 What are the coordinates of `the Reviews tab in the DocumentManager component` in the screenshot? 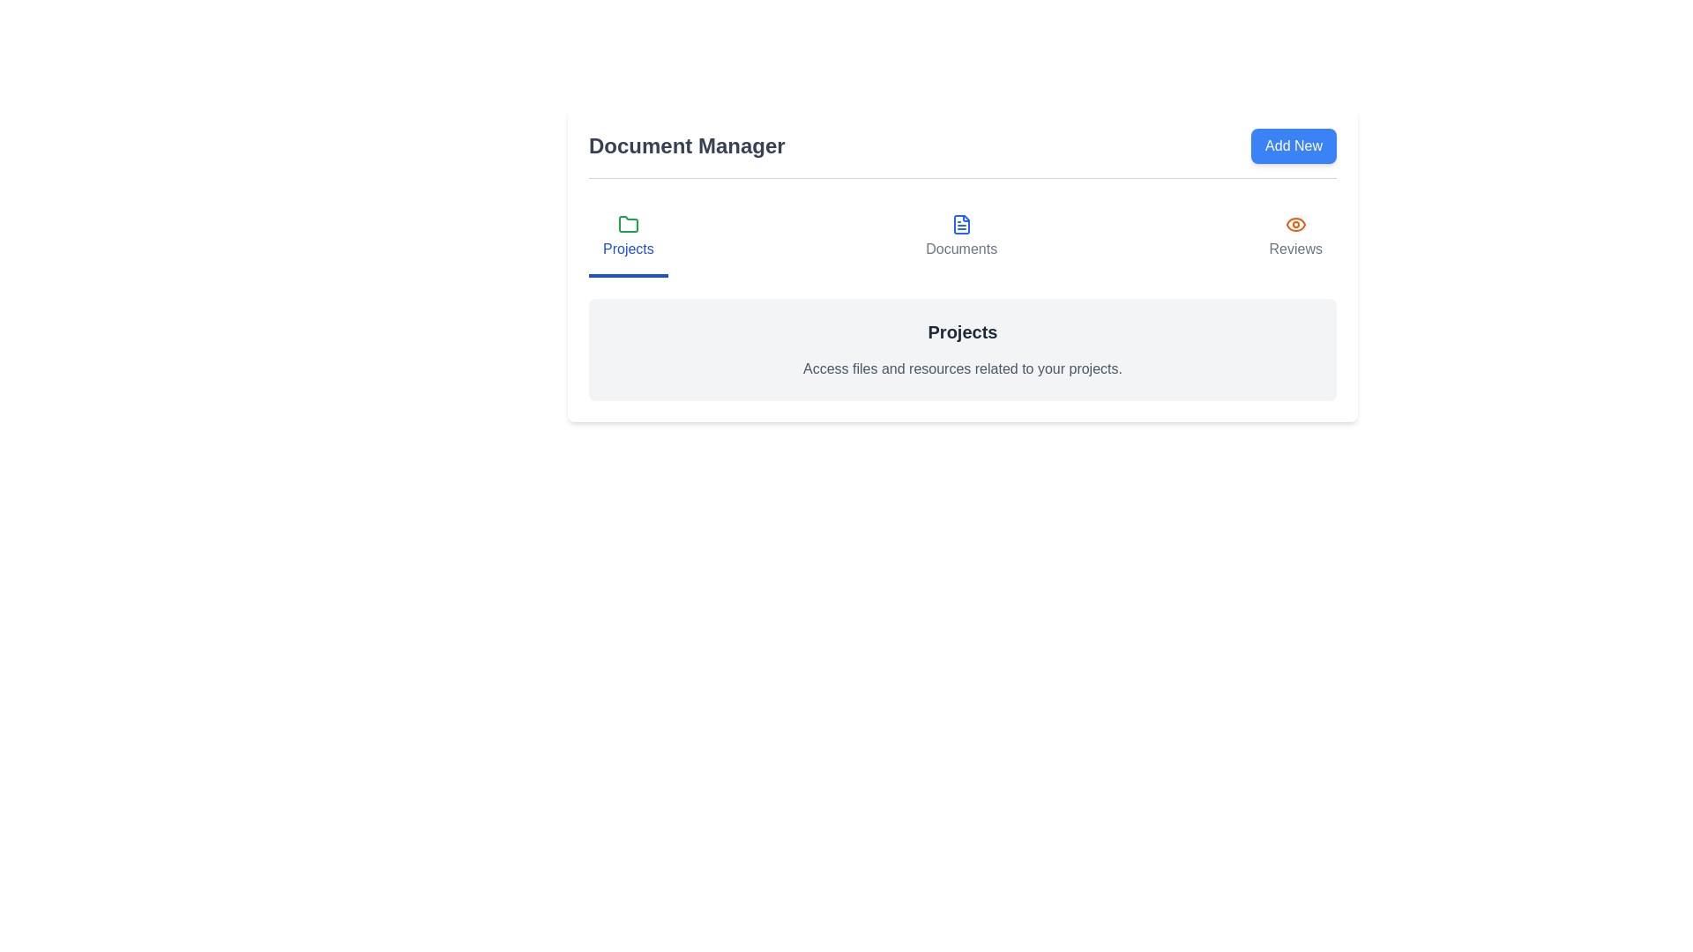 It's located at (1295, 238).